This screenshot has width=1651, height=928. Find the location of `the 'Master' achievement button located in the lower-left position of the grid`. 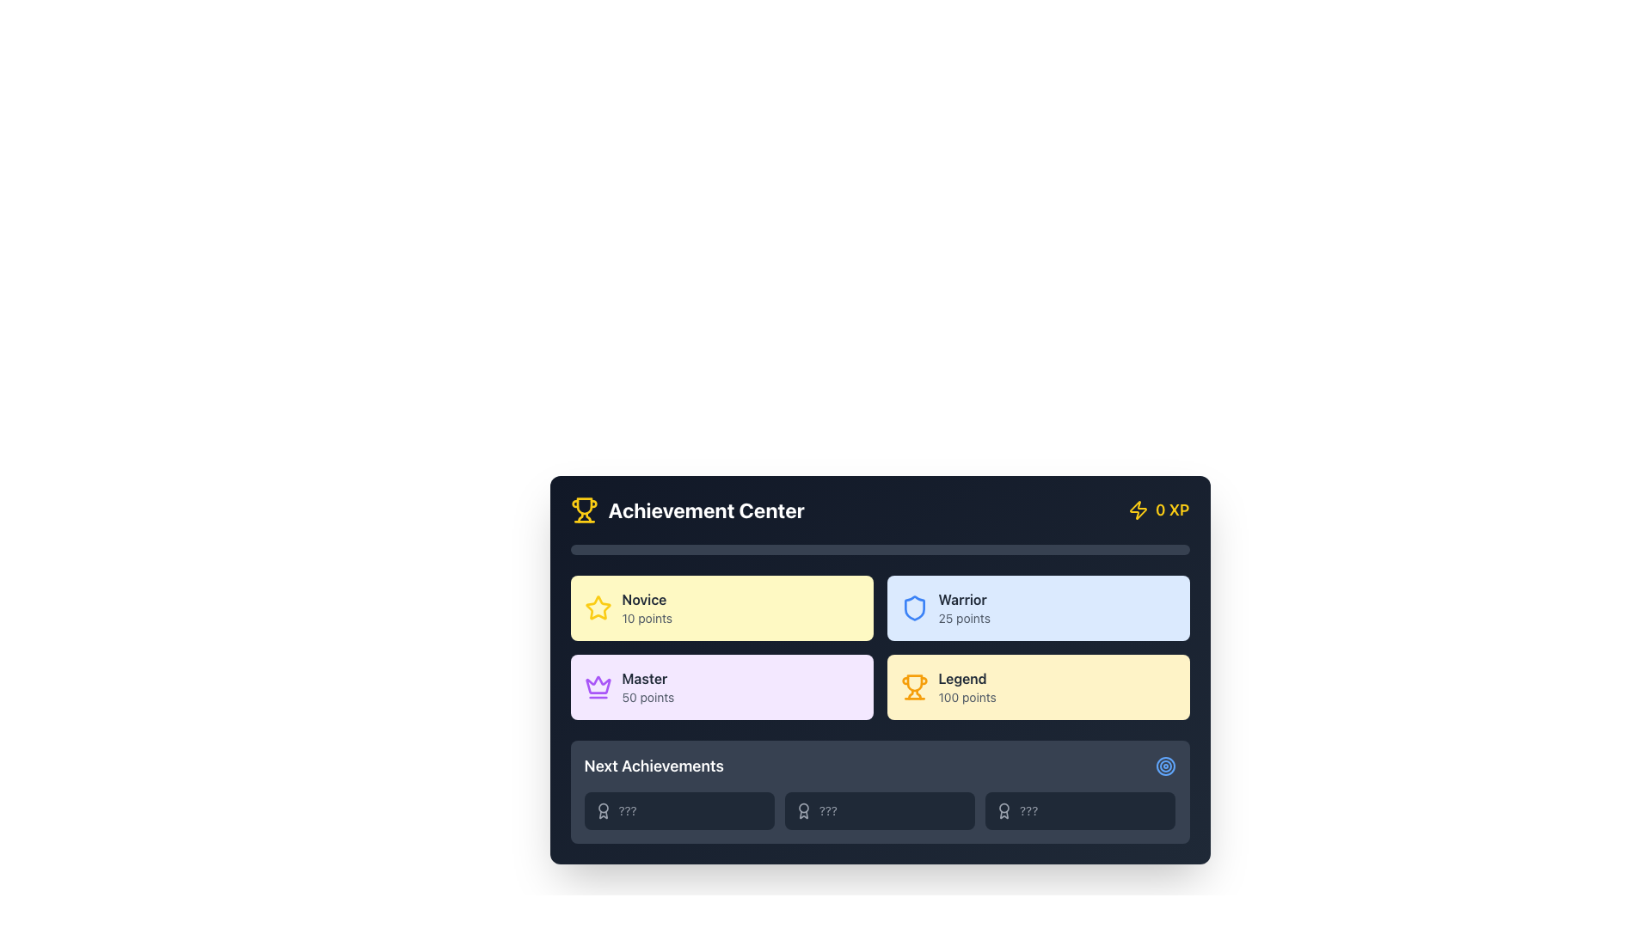

the 'Master' achievement button located in the lower-left position of the grid is located at coordinates (721, 686).